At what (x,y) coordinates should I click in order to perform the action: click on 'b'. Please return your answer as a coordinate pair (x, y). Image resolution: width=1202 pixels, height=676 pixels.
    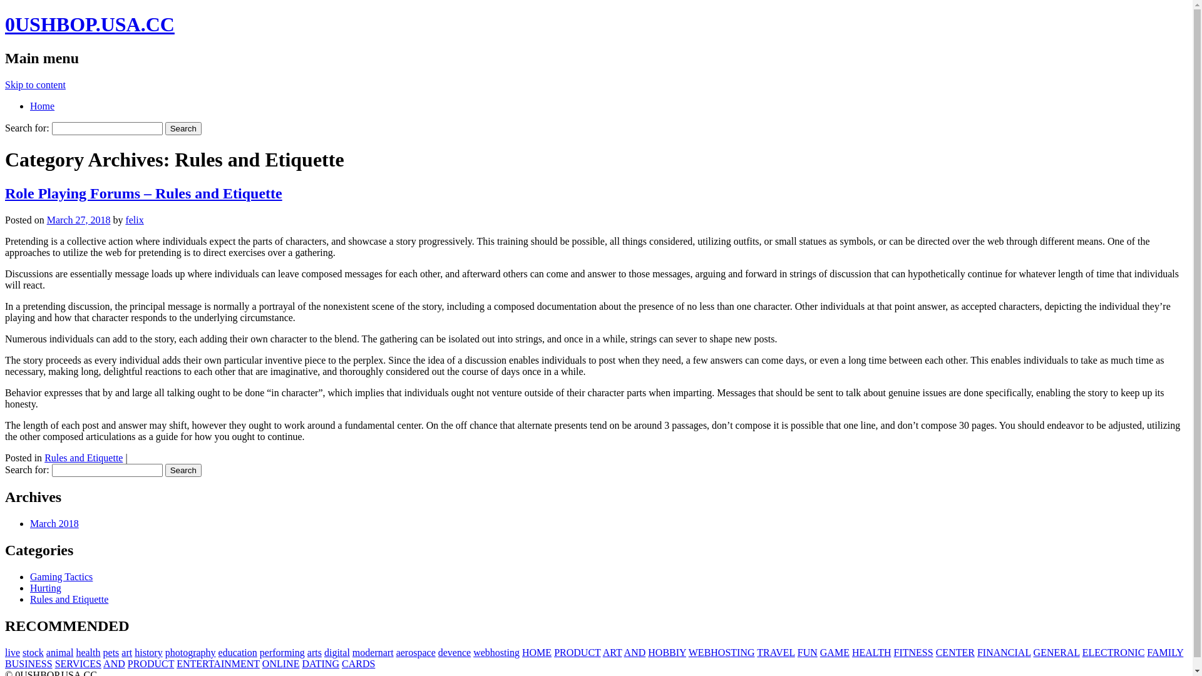
    Looking at the image, I should click on (486, 652).